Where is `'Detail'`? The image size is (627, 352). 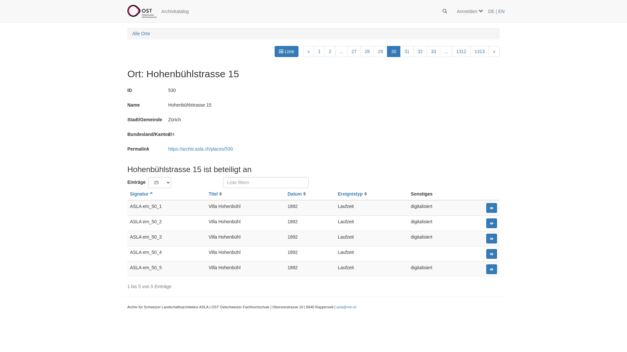
'Detail' is located at coordinates (486, 254).